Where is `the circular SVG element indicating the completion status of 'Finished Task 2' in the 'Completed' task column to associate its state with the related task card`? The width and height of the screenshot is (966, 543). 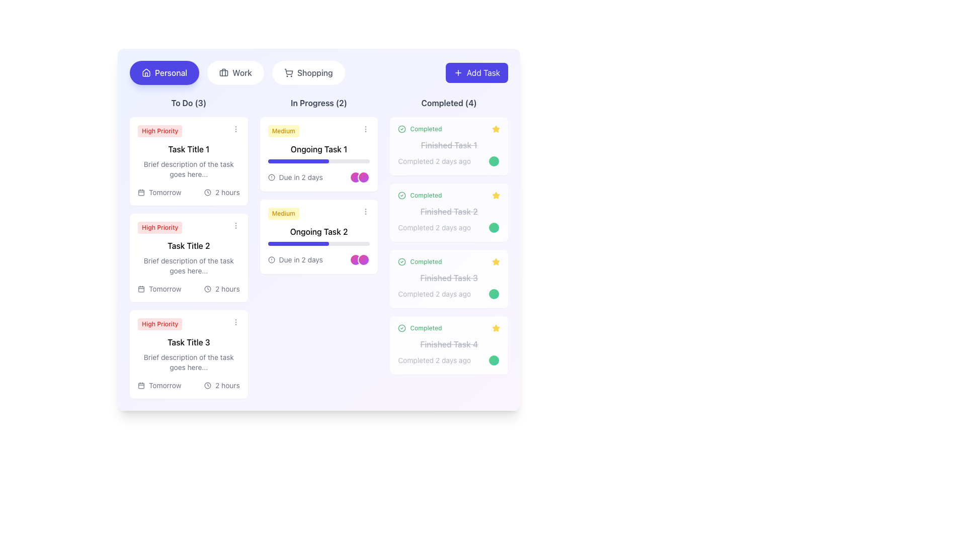
the circular SVG element indicating the completion status of 'Finished Task 2' in the 'Completed' task column to associate its state with the related task card is located at coordinates (401, 196).